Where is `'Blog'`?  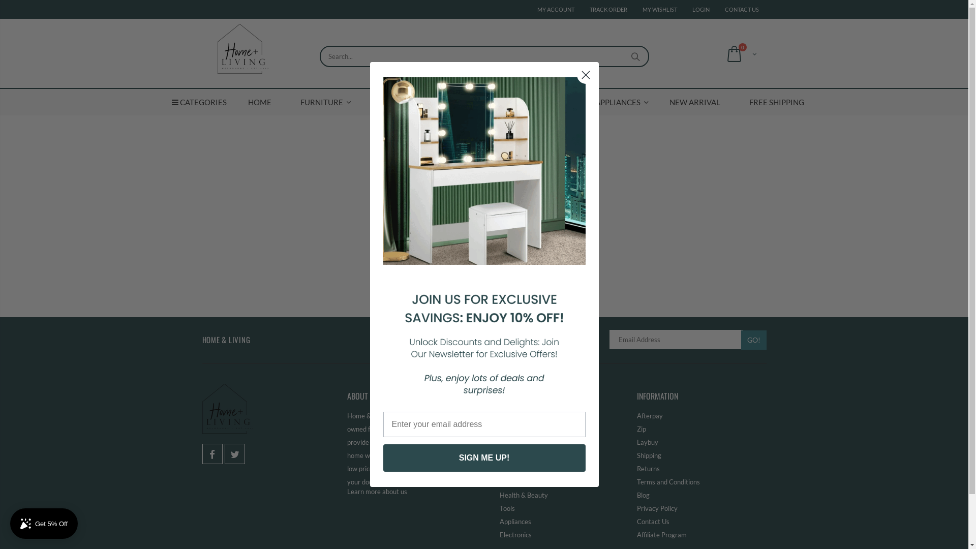
'Blog' is located at coordinates (642, 495).